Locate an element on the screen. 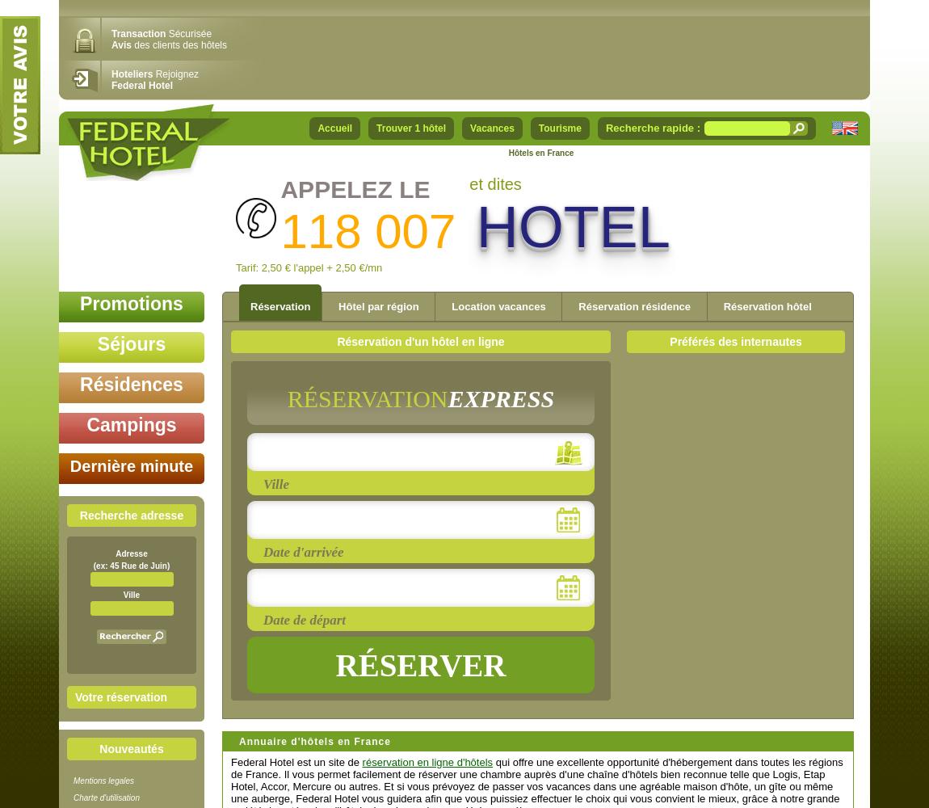 The height and width of the screenshot is (808, 929). 'Date de départ' is located at coordinates (304, 620).